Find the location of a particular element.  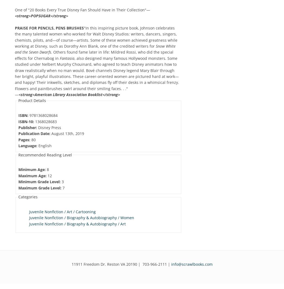

'English' is located at coordinates (44, 145).